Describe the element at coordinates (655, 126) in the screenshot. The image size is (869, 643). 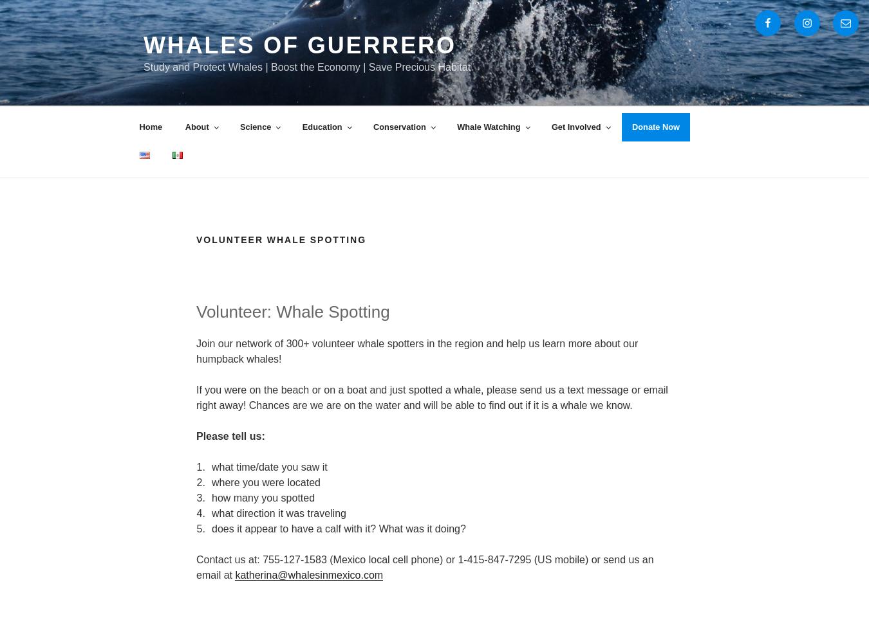
I see `'Donate Now'` at that location.